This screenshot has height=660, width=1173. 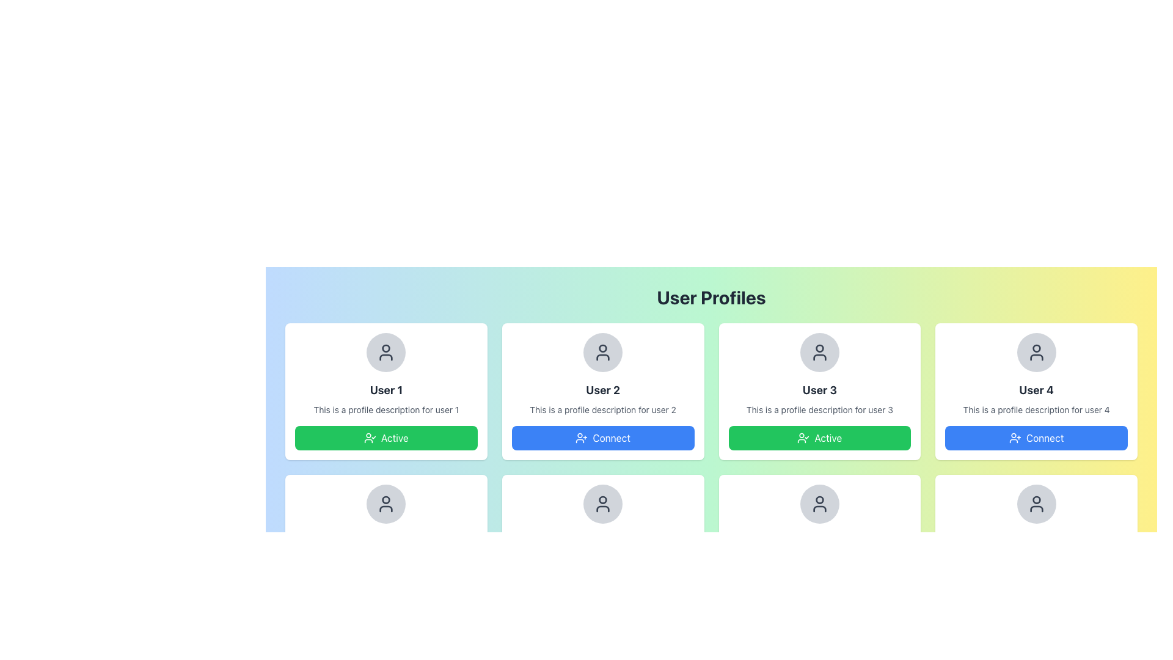 What do you see at coordinates (386, 348) in the screenshot?
I see `the small circular icon located at the top center of the User 1 profile card's avatar illustration` at bounding box center [386, 348].